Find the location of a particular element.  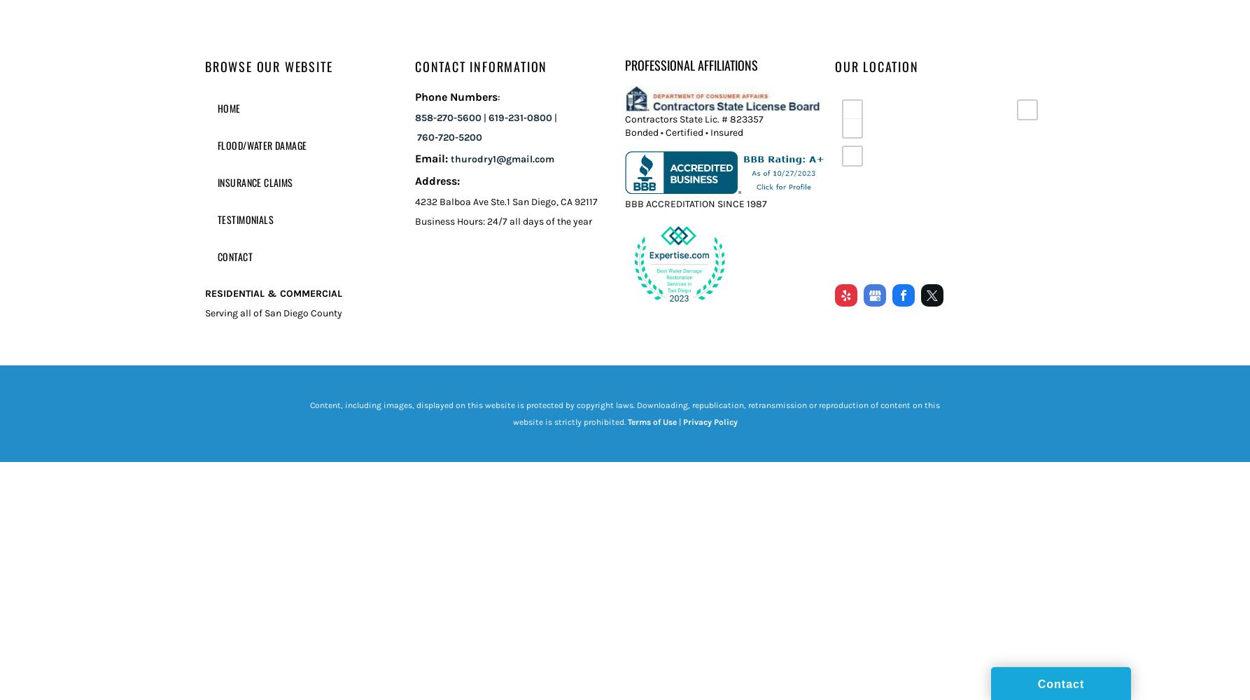

'BBB ACCREDITATION SINCE 1987' is located at coordinates (696, 203).